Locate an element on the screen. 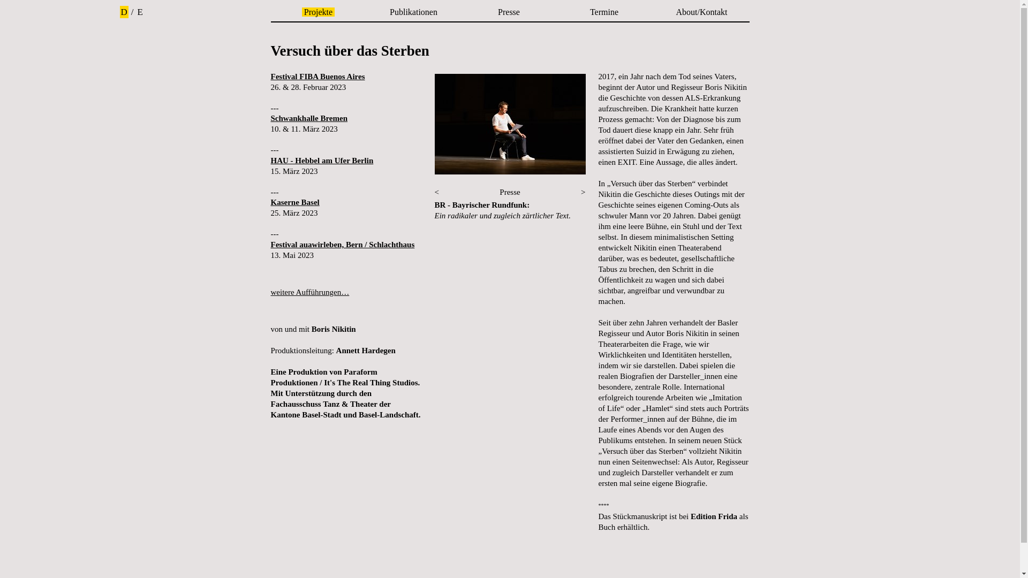 This screenshot has width=1028, height=578. 'Publikationen' is located at coordinates (413, 12).